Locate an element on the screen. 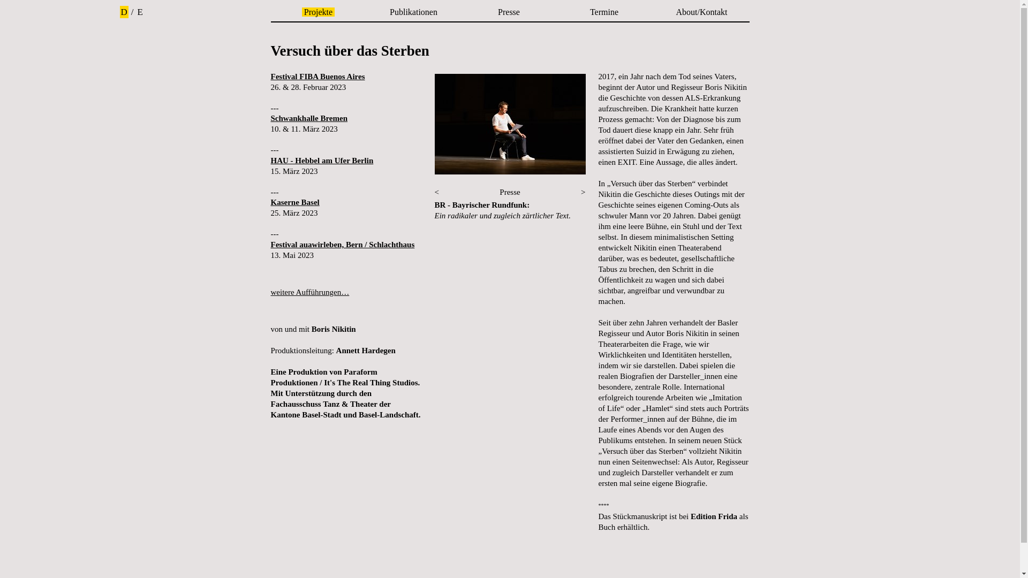 This screenshot has width=1028, height=578. 'Publikationen' is located at coordinates (413, 12).